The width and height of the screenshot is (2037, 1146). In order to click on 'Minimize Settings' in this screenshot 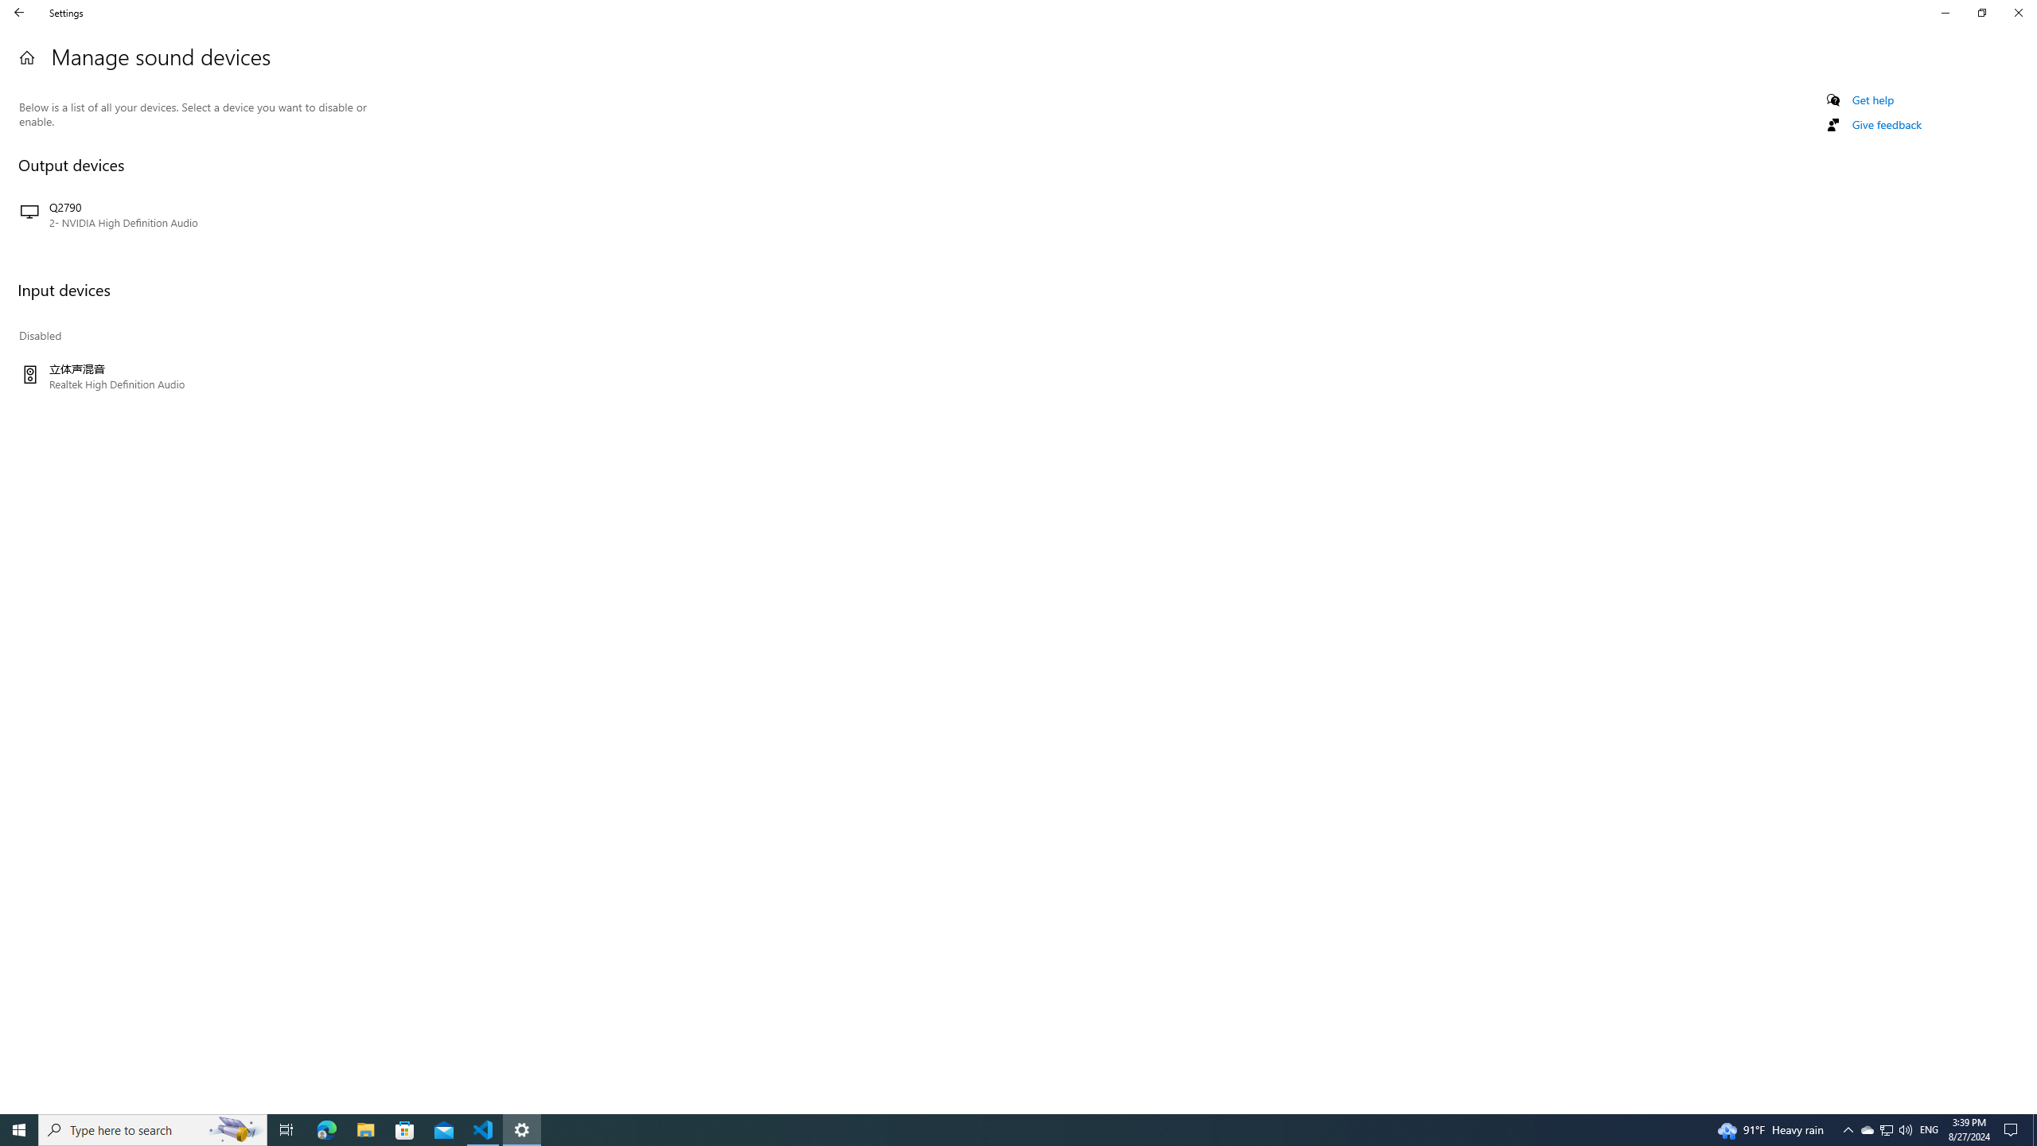, I will do `click(1944, 12)`.